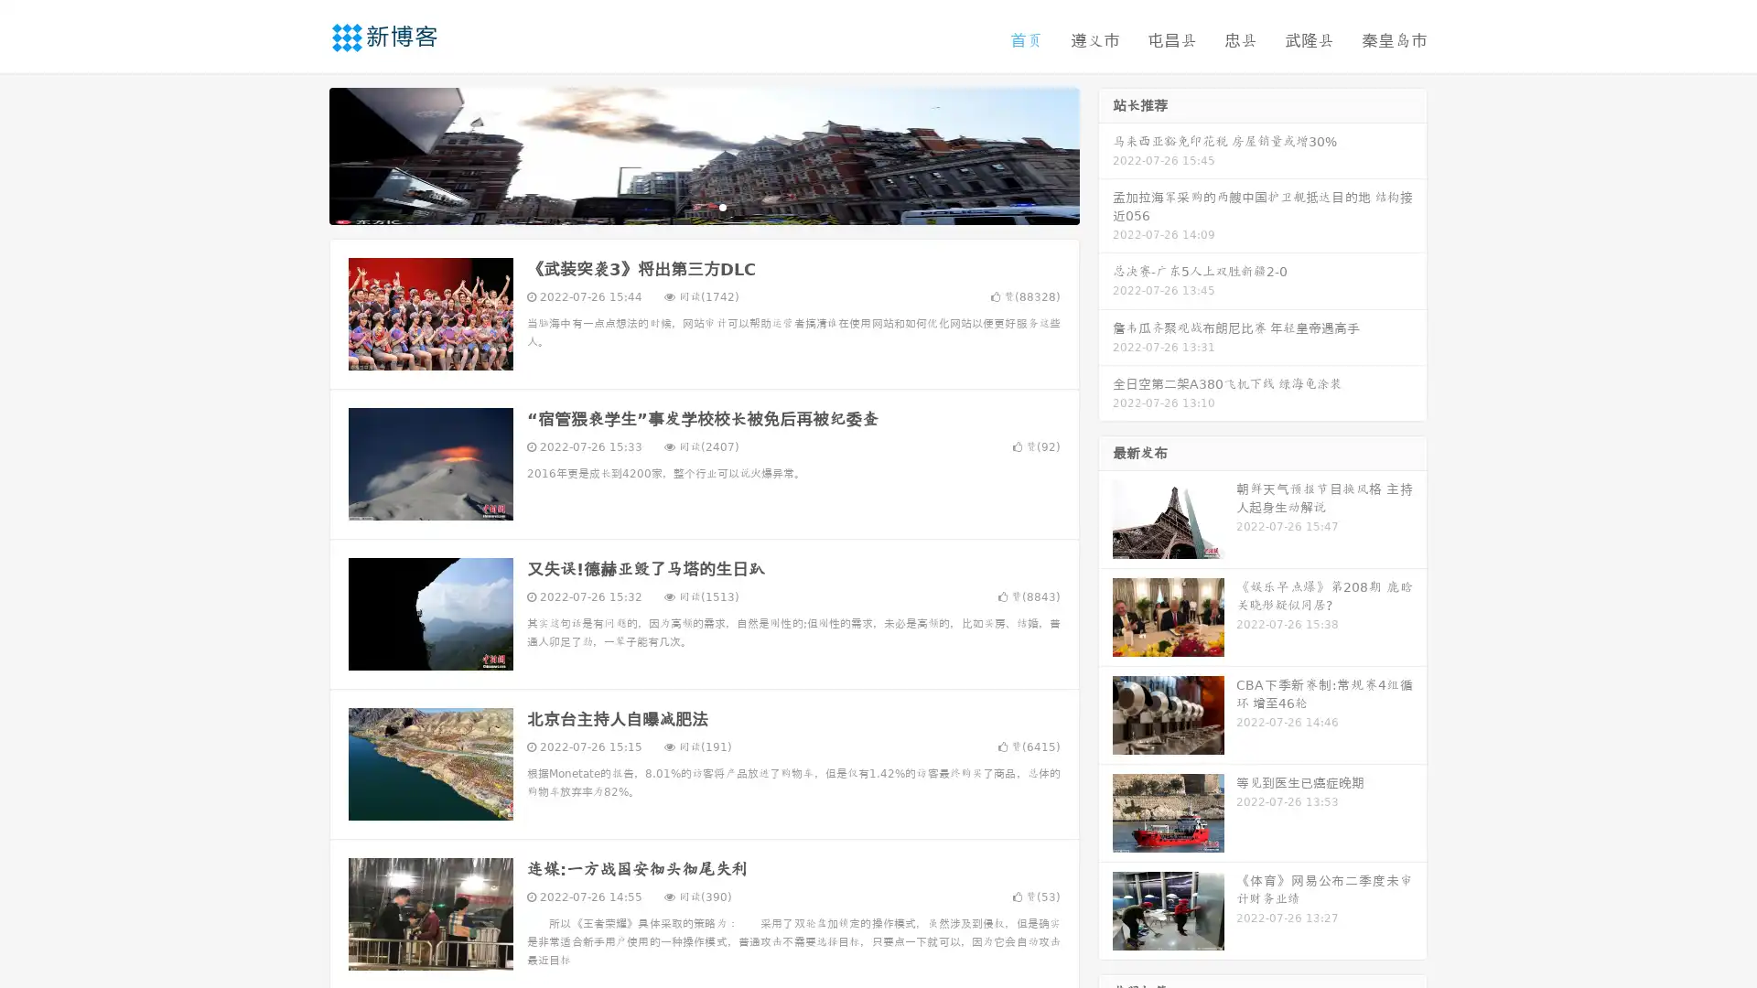 This screenshot has height=988, width=1757. I want to click on Next slide, so click(1105, 154).